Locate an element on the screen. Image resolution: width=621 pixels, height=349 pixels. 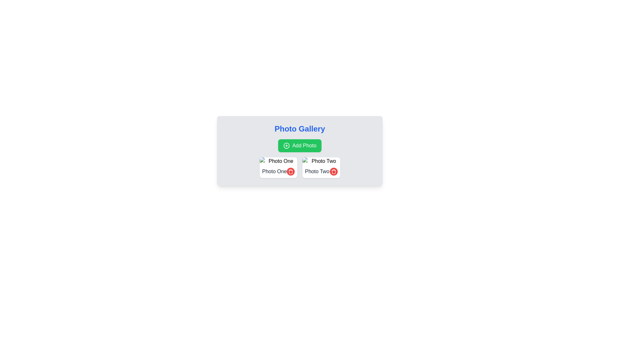
the 'Photo One' text label, which is the first item in the left column of the two-column layout under the 'Photo Gallery' header is located at coordinates (274, 171).